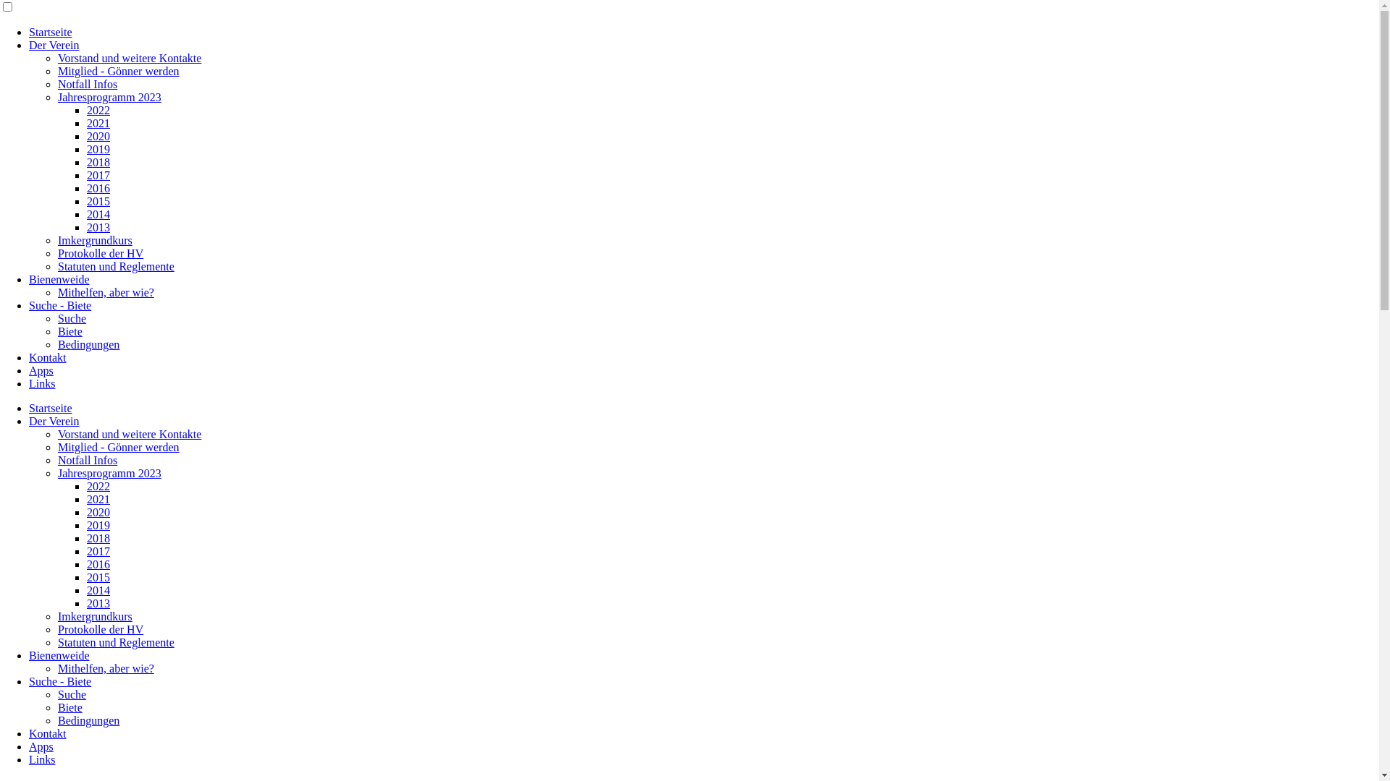 This screenshot has height=781, width=1390. What do you see at coordinates (51, 408) in the screenshot?
I see `'Startseite'` at bounding box center [51, 408].